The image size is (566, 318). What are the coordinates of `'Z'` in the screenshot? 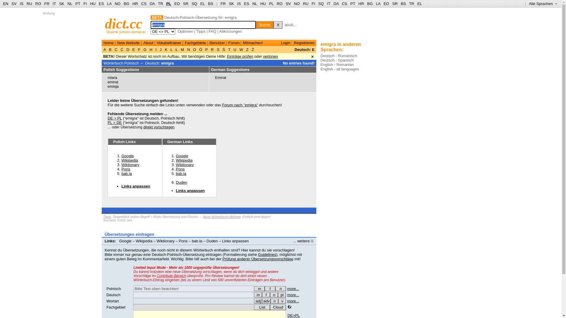 It's located at (247, 49).